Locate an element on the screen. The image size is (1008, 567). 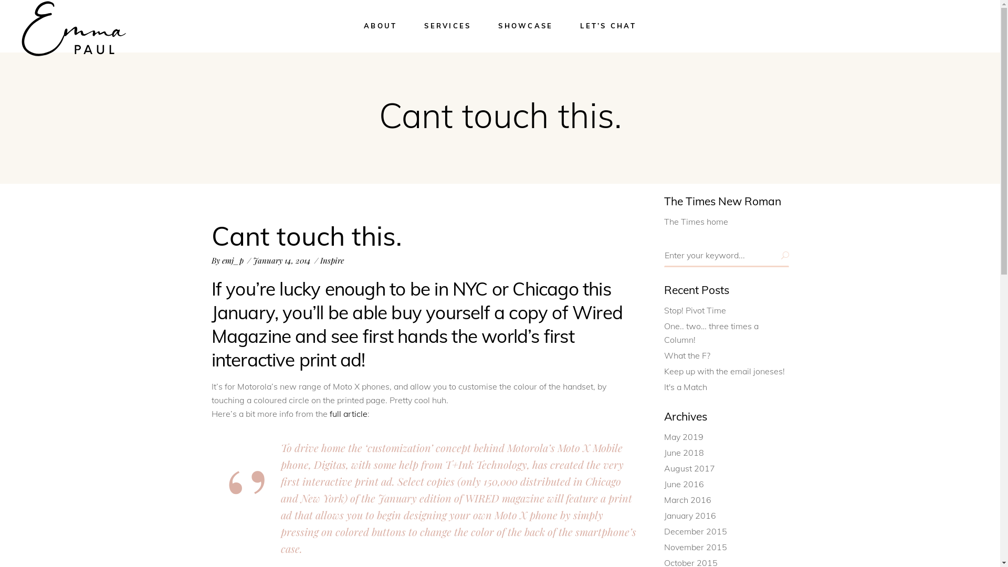
'SHOWCASE' is located at coordinates (526, 26).